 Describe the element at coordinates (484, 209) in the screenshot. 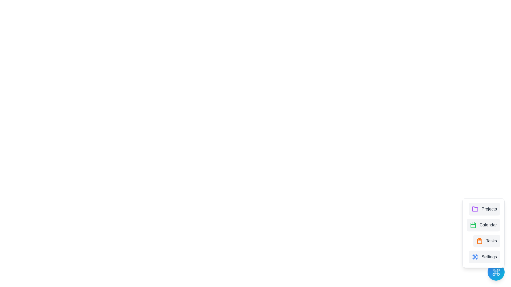

I see `the Projects from the menu` at that location.